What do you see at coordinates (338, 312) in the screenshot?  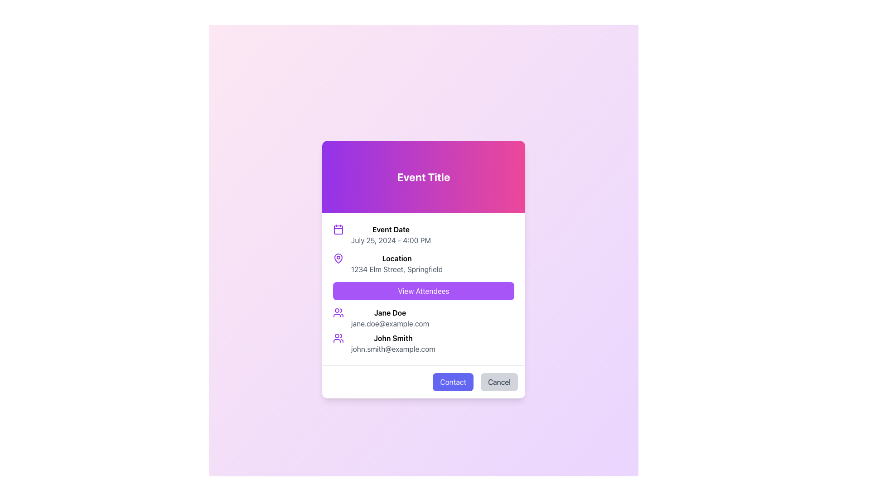 I see `the SVG icon representing users or group, which is aligned with the text 'Jane Doe' and 'jane.doe@example.com' in the lower part of the information panel` at bounding box center [338, 312].